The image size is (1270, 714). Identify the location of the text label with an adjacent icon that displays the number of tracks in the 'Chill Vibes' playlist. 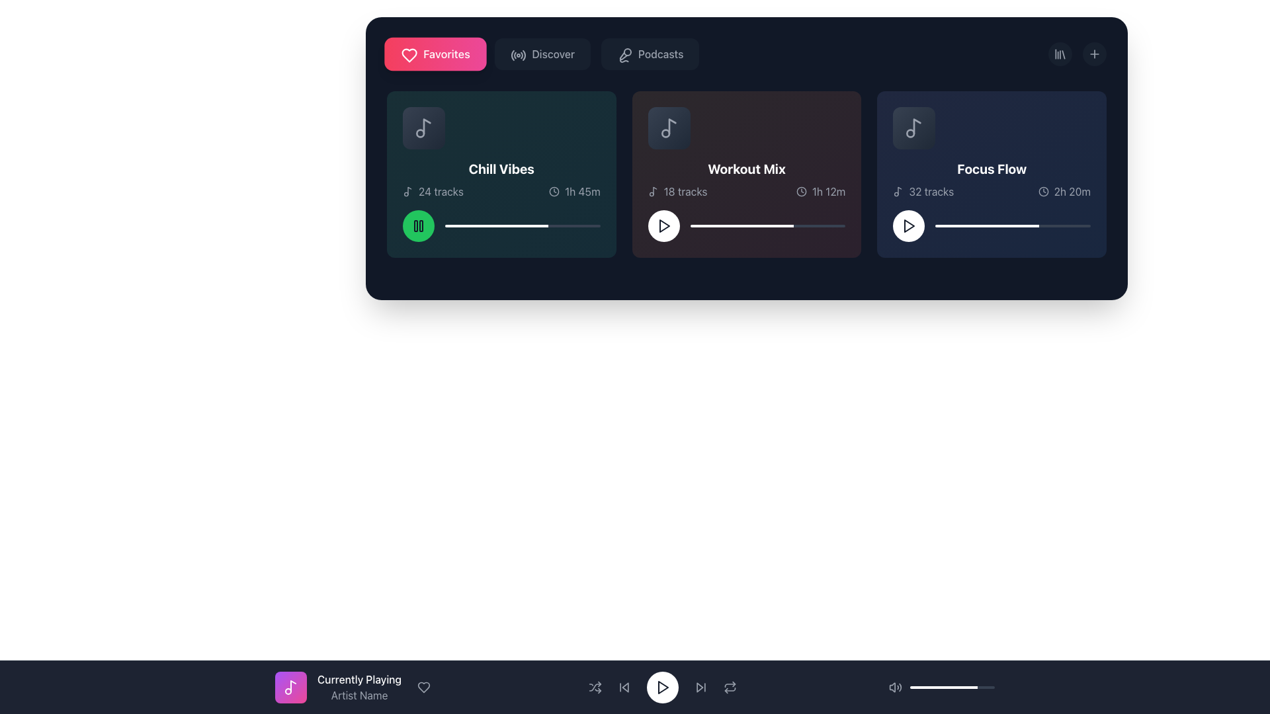
(433, 191).